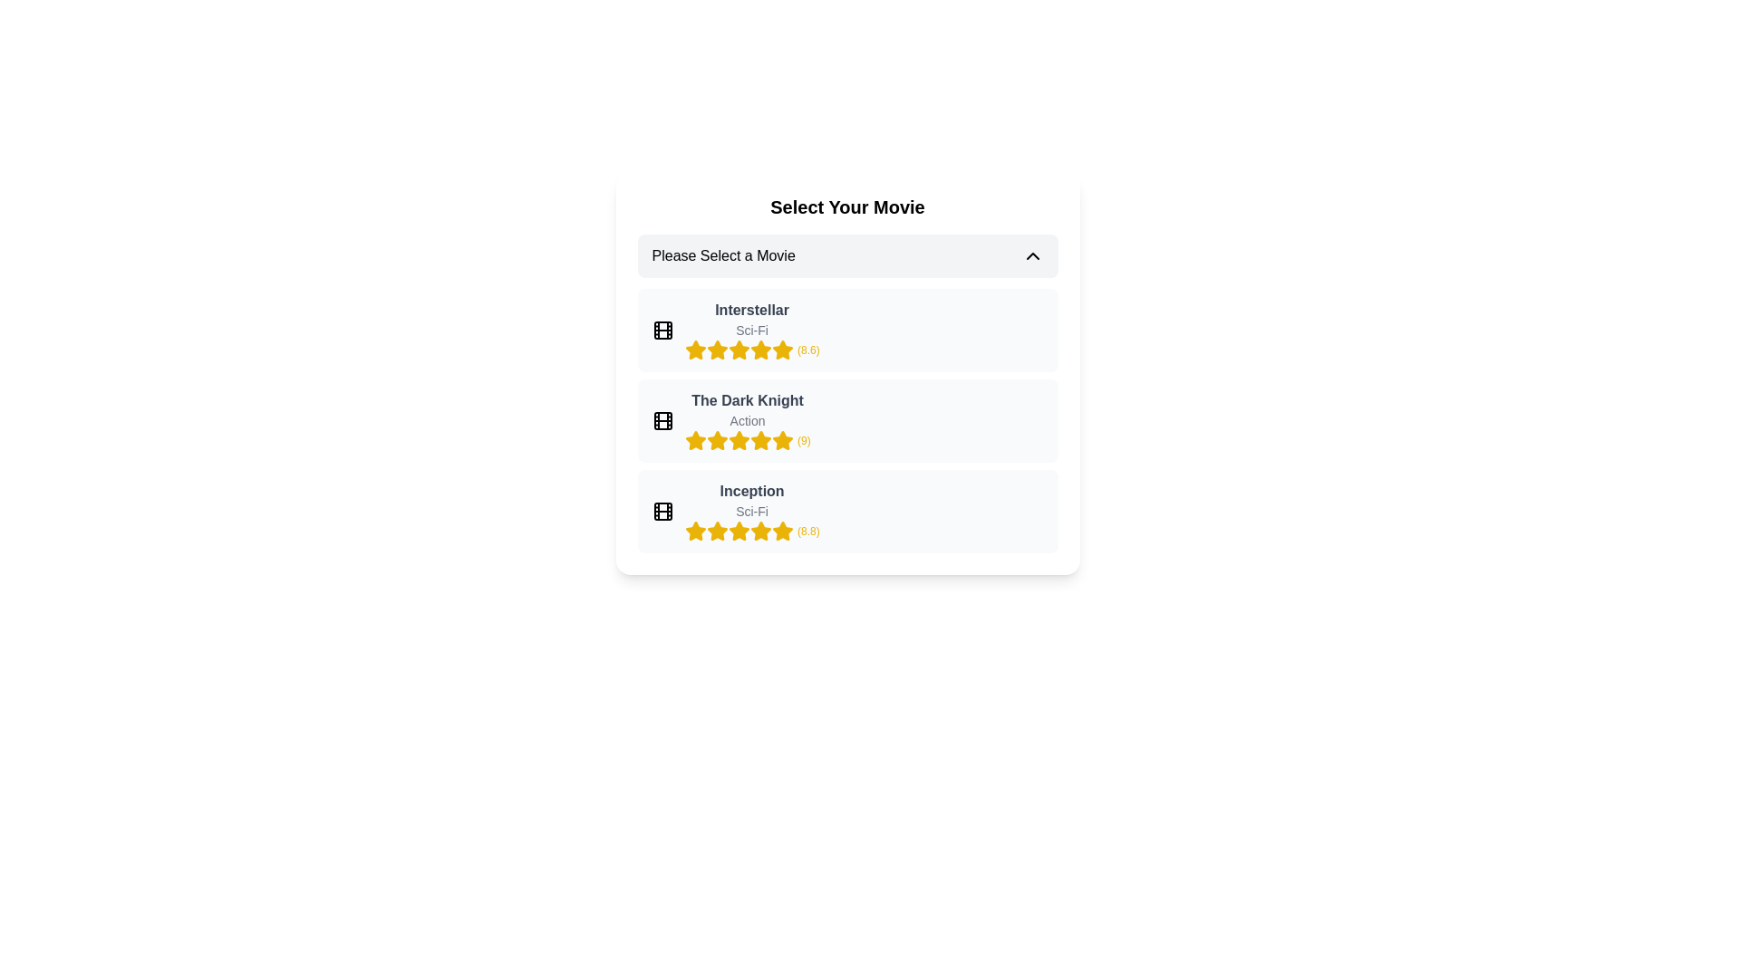 Image resolution: width=1740 pixels, height=978 pixels. What do you see at coordinates (739, 350) in the screenshot?
I see `the third star-shaped rating graphic filled with yellow color to register a rating under the movie 'Interstellar'` at bounding box center [739, 350].